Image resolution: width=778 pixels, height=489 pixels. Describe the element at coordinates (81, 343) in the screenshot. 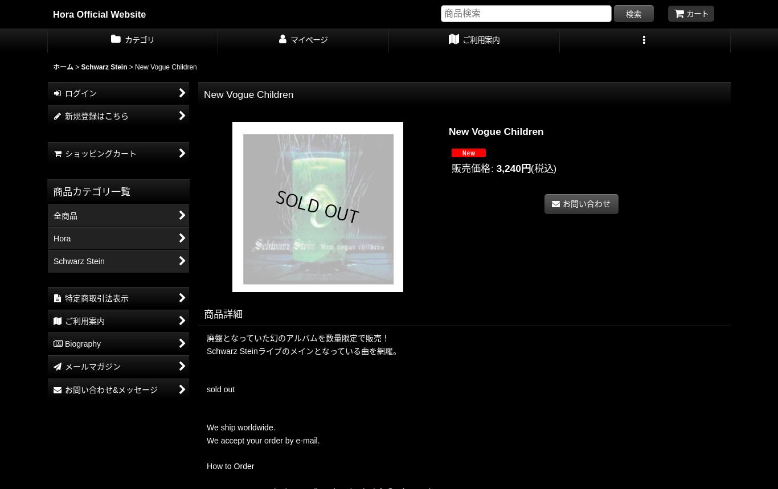

I see `'Biography'` at that location.